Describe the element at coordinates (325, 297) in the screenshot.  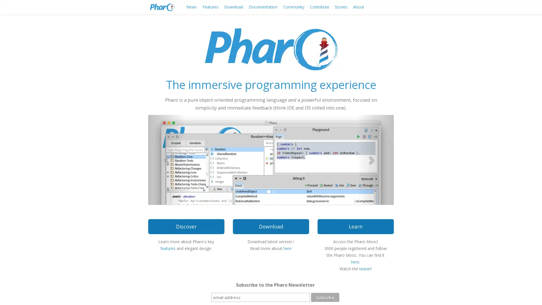
I see `Subscribe` at that location.